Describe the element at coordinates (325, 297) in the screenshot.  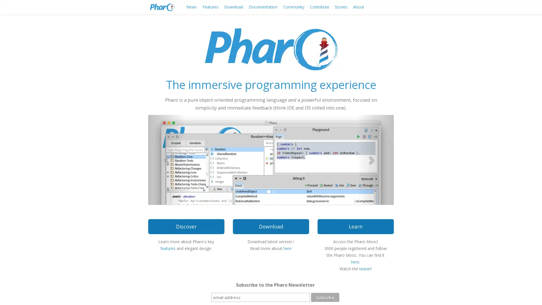
I see `Subscribe` at that location.